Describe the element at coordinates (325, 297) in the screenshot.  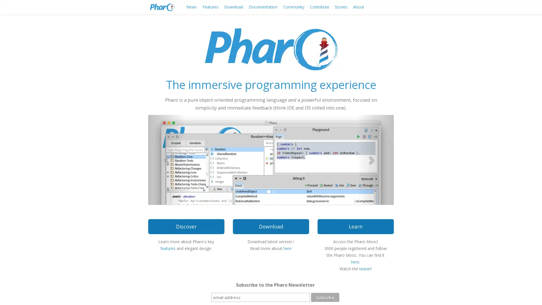
I see `Subscribe` at that location.